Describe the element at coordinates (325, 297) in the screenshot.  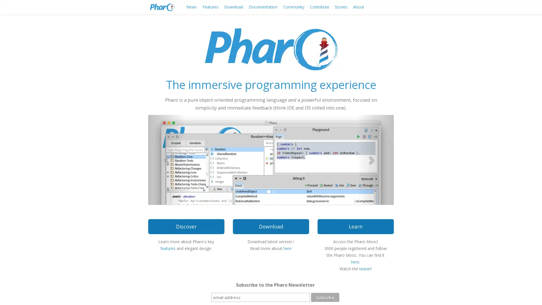
I see `Subscribe` at that location.